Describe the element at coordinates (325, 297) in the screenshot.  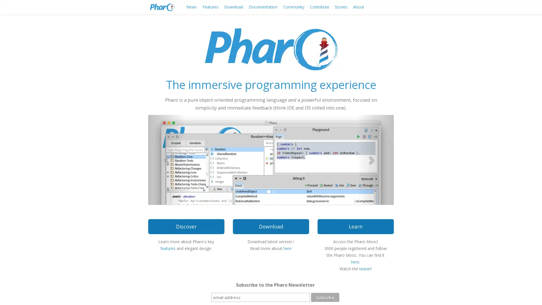
I see `Subscribe` at that location.